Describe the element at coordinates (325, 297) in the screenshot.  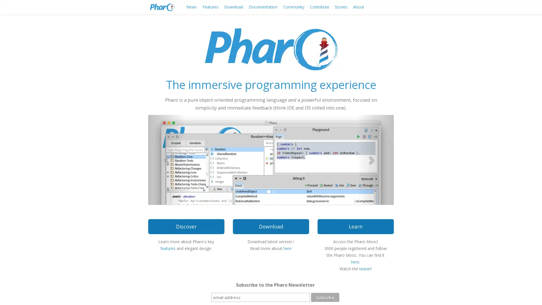
I see `Subscribe` at that location.